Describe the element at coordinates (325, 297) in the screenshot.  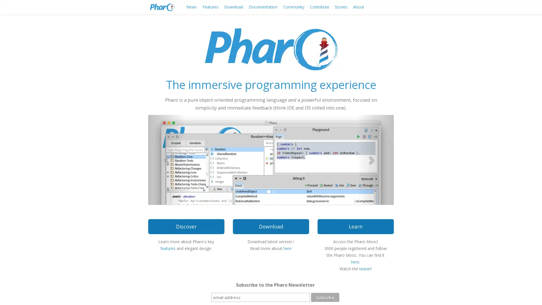
I see `Subscribe` at that location.